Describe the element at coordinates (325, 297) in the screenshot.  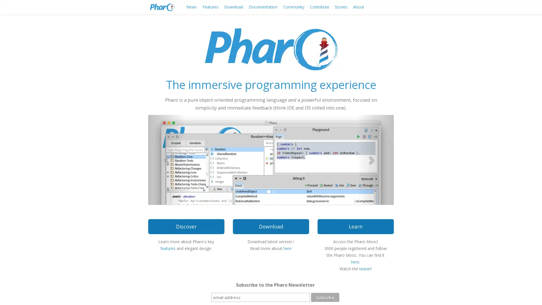
I see `Subscribe` at that location.